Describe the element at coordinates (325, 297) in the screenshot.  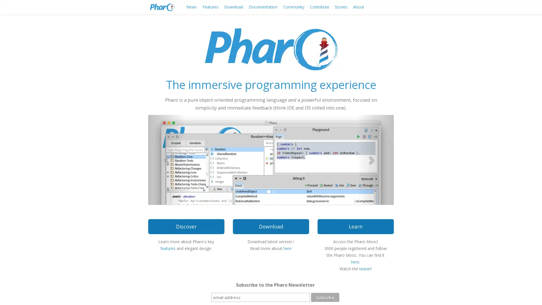
I see `Subscribe` at that location.